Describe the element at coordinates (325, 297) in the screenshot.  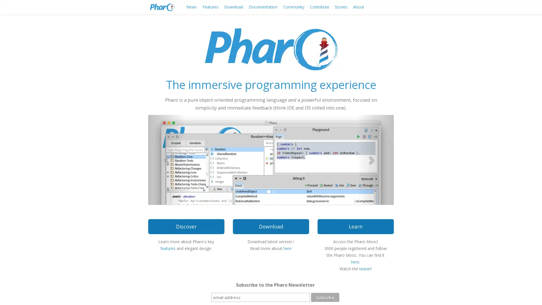
I see `Subscribe` at that location.